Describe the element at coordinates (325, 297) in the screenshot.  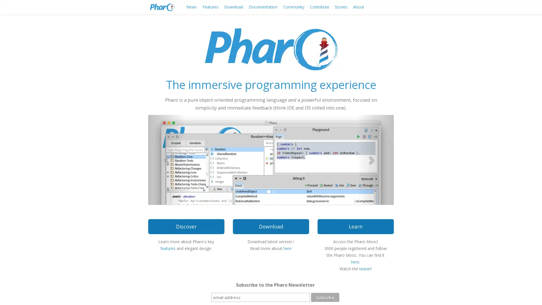
I see `Subscribe` at that location.